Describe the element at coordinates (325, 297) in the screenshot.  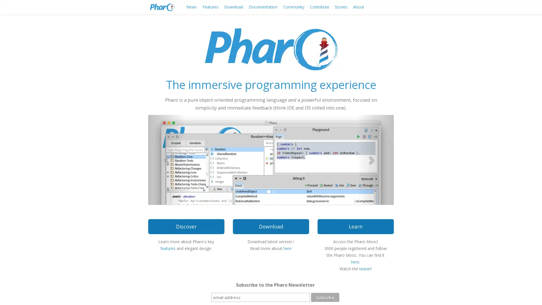
I see `Subscribe` at that location.